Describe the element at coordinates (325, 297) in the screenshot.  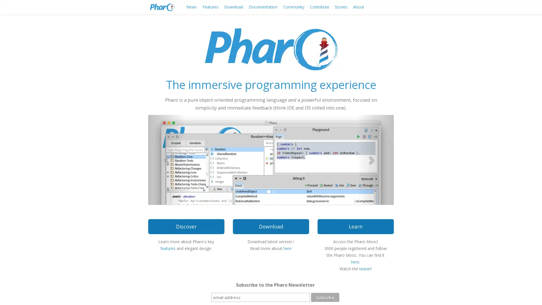
I see `Subscribe` at that location.